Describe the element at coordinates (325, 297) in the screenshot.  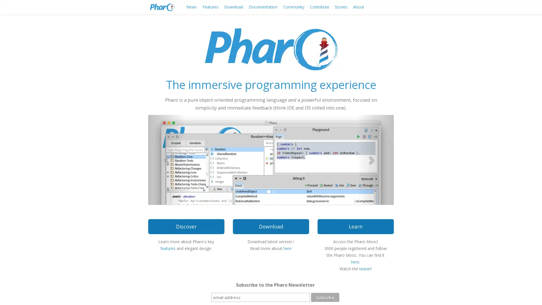
I see `Subscribe` at that location.